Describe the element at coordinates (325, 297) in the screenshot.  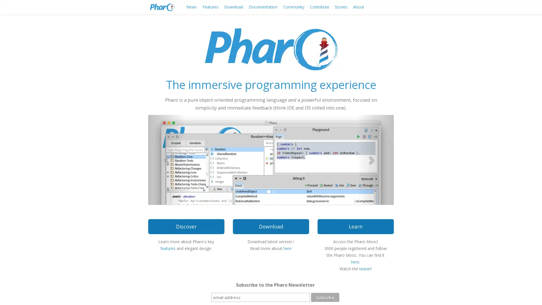
I see `Subscribe` at that location.